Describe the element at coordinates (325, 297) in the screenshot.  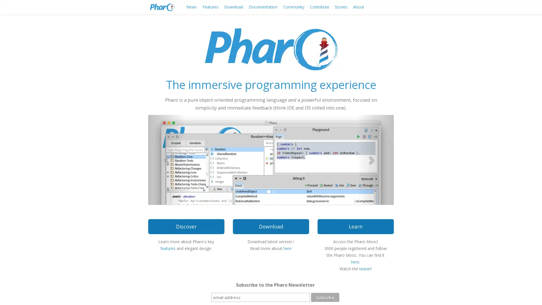
I see `Subscribe` at that location.